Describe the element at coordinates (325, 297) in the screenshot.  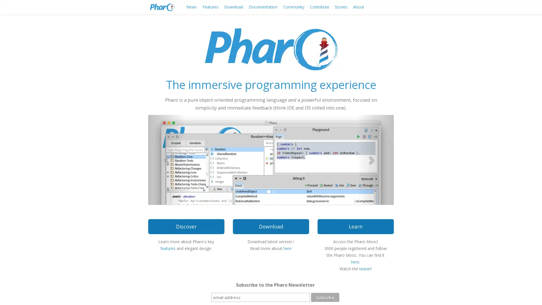
I see `Subscribe` at that location.